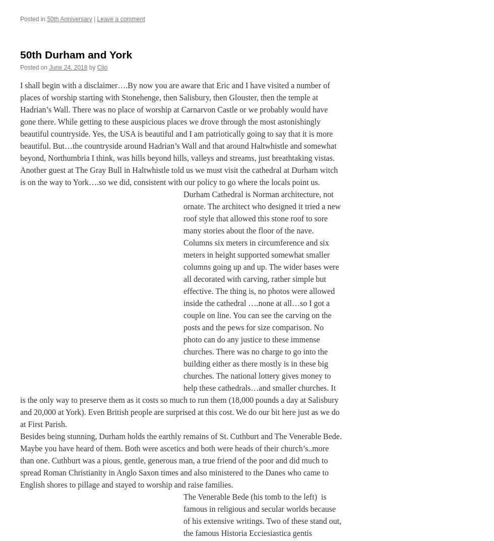  What do you see at coordinates (178, 121) in the screenshot?
I see `'I shall begin with a disclaimer….By now you are aware that Eric and I have visited a number of places of worship starting with Stonehenge, then Salisbury, then Glouster, then the temple at Hadrian’s Wall. There was no place of worship at Carnarvon Castle or we probably would have gone there. While getting to these auspicious places we drove through the most astonishingly beautiful countryside. Yes, the USA is beautiful and I am patriotically going to say that it is more beautiful. But…the countryside around Hadrian’s Wall and that around Haltwhistle and somewhat beyond, Northumbria I think, was hills beyond hills, valleys and streams, just breathtaking vistas.'` at bounding box center [178, 121].